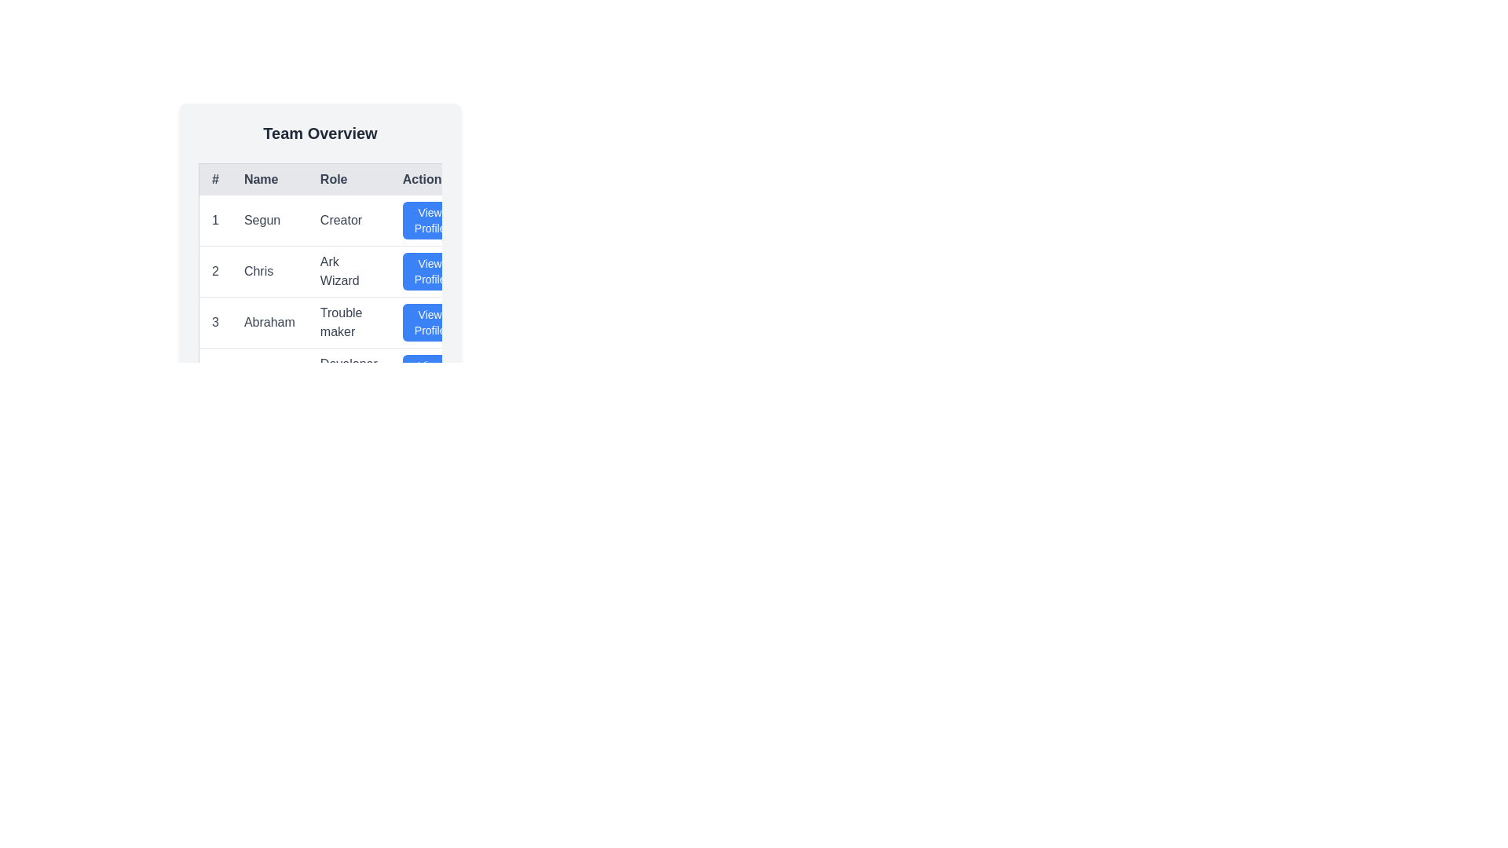  What do you see at coordinates (437, 271) in the screenshot?
I see `the 'View Profile' button with a blue background and white text located` at bounding box center [437, 271].